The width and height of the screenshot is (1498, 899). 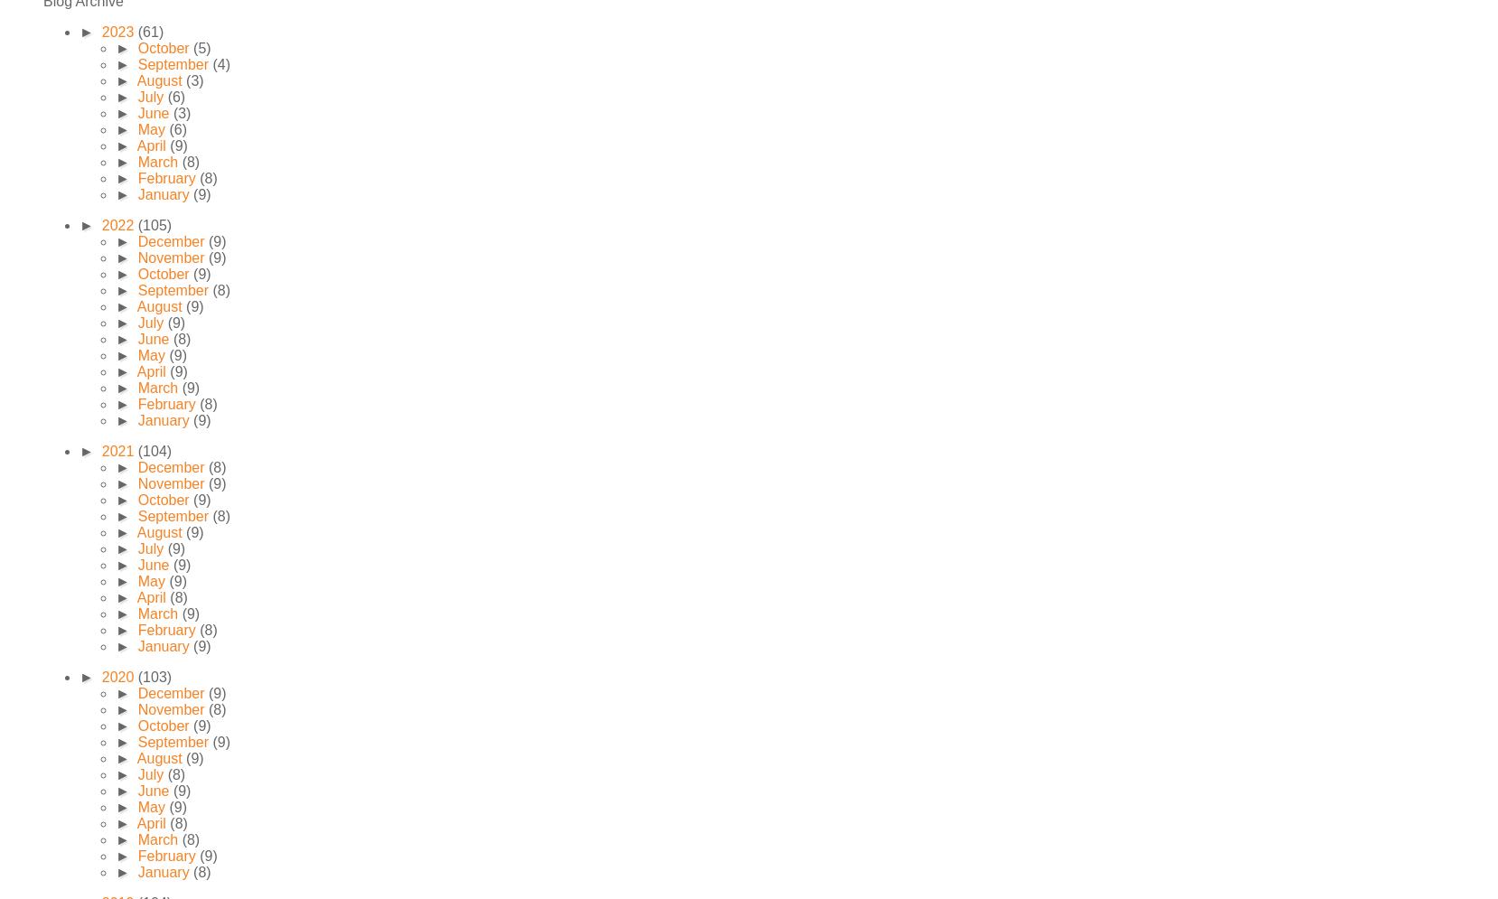 I want to click on '2021', so click(x=117, y=450).